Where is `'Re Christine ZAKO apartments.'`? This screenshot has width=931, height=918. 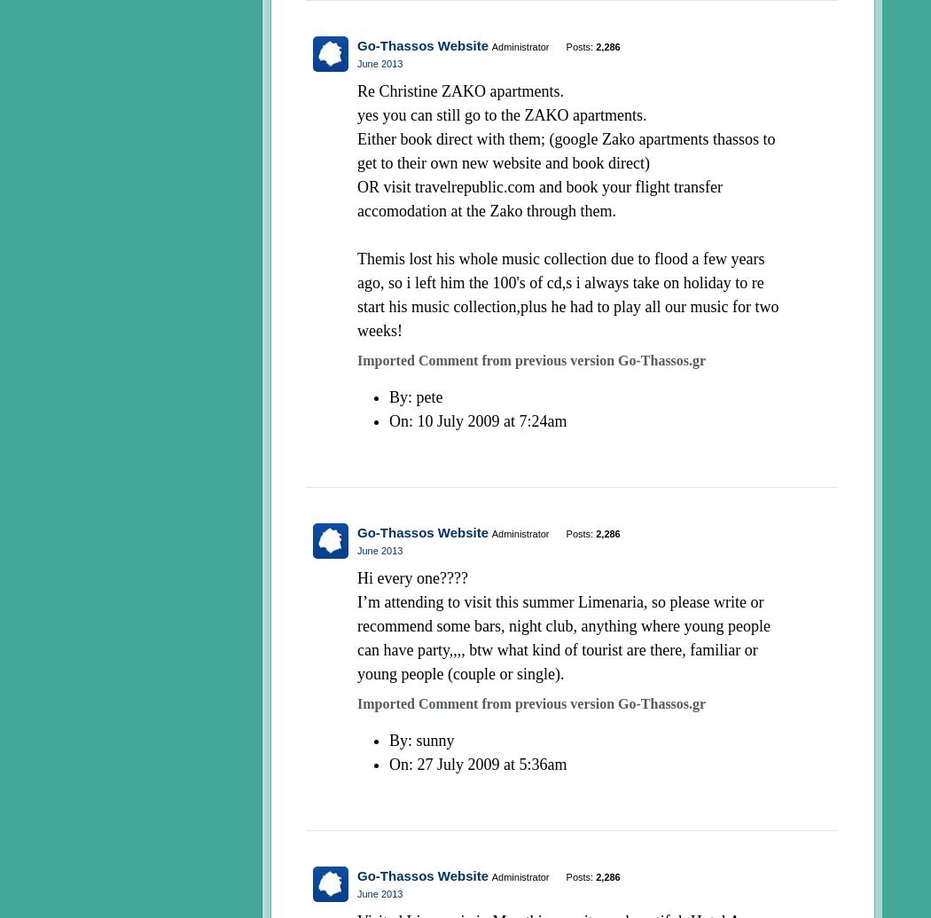 'Re Christine ZAKO apartments.' is located at coordinates (459, 90).